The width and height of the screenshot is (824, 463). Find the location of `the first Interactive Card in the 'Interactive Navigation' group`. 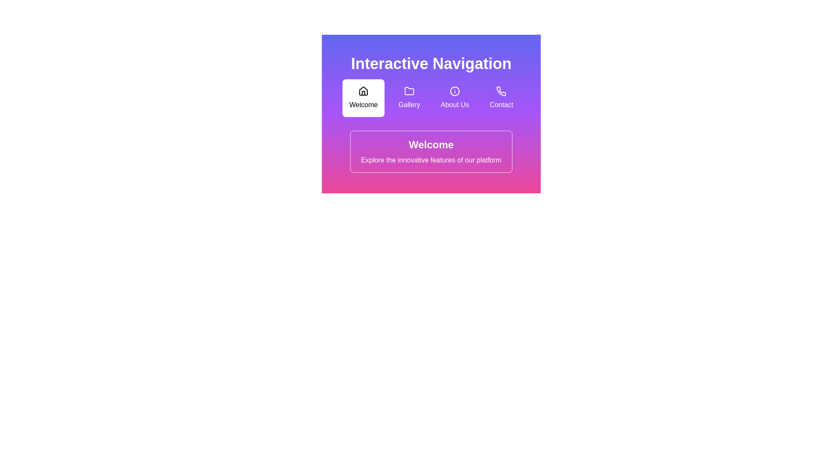

the first Interactive Card in the 'Interactive Navigation' group is located at coordinates (364, 97).